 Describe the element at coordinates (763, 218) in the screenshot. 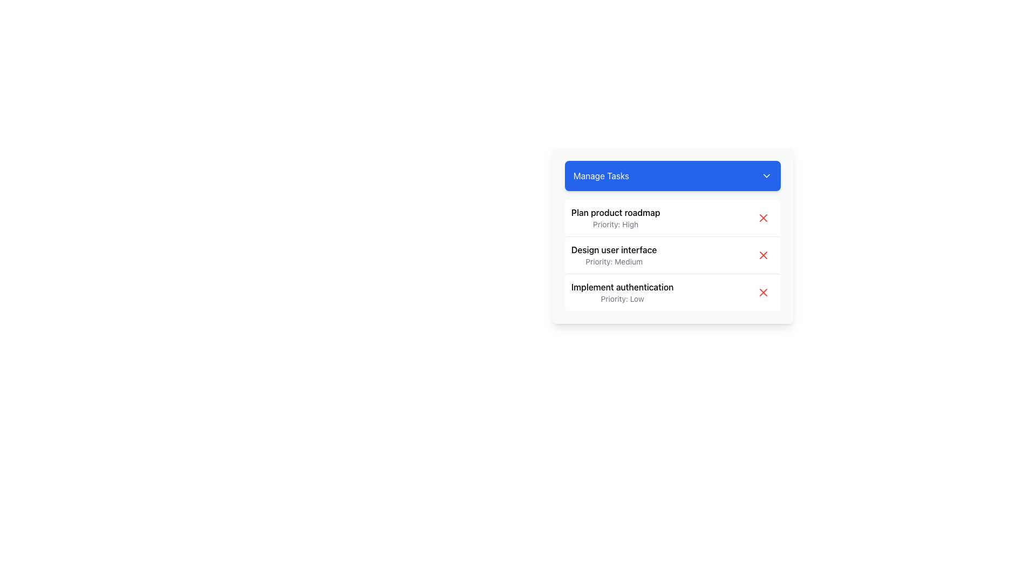

I see `the red 'X' icon in the dropdown menu that is positioned in the rightmost section of the first list item labeled 'Plan product roadmap' to observe styling changes` at that location.